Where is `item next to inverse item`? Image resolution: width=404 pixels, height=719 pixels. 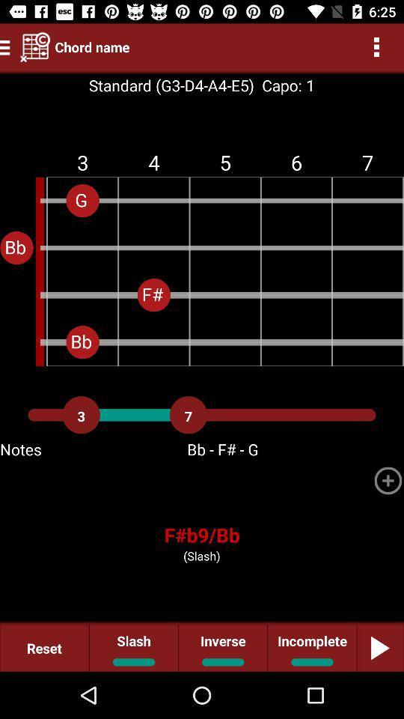 item next to inverse item is located at coordinates (311, 647).